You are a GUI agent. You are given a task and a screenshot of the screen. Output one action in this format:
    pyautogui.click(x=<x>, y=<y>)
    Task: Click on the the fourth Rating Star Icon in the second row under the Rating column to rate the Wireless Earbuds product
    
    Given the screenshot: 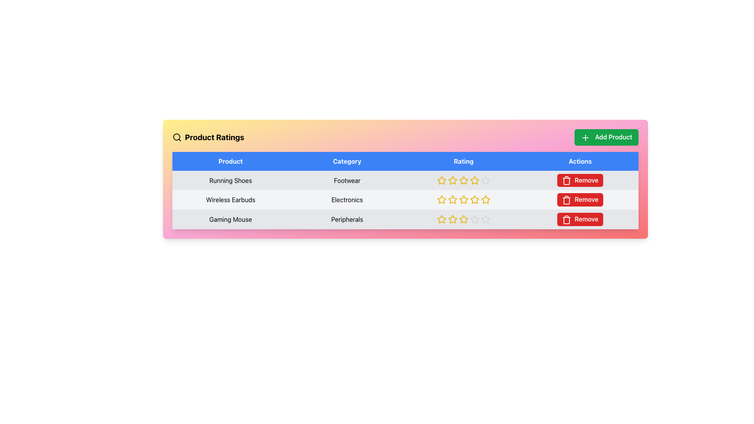 What is the action you would take?
    pyautogui.click(x=485, y=199)
    